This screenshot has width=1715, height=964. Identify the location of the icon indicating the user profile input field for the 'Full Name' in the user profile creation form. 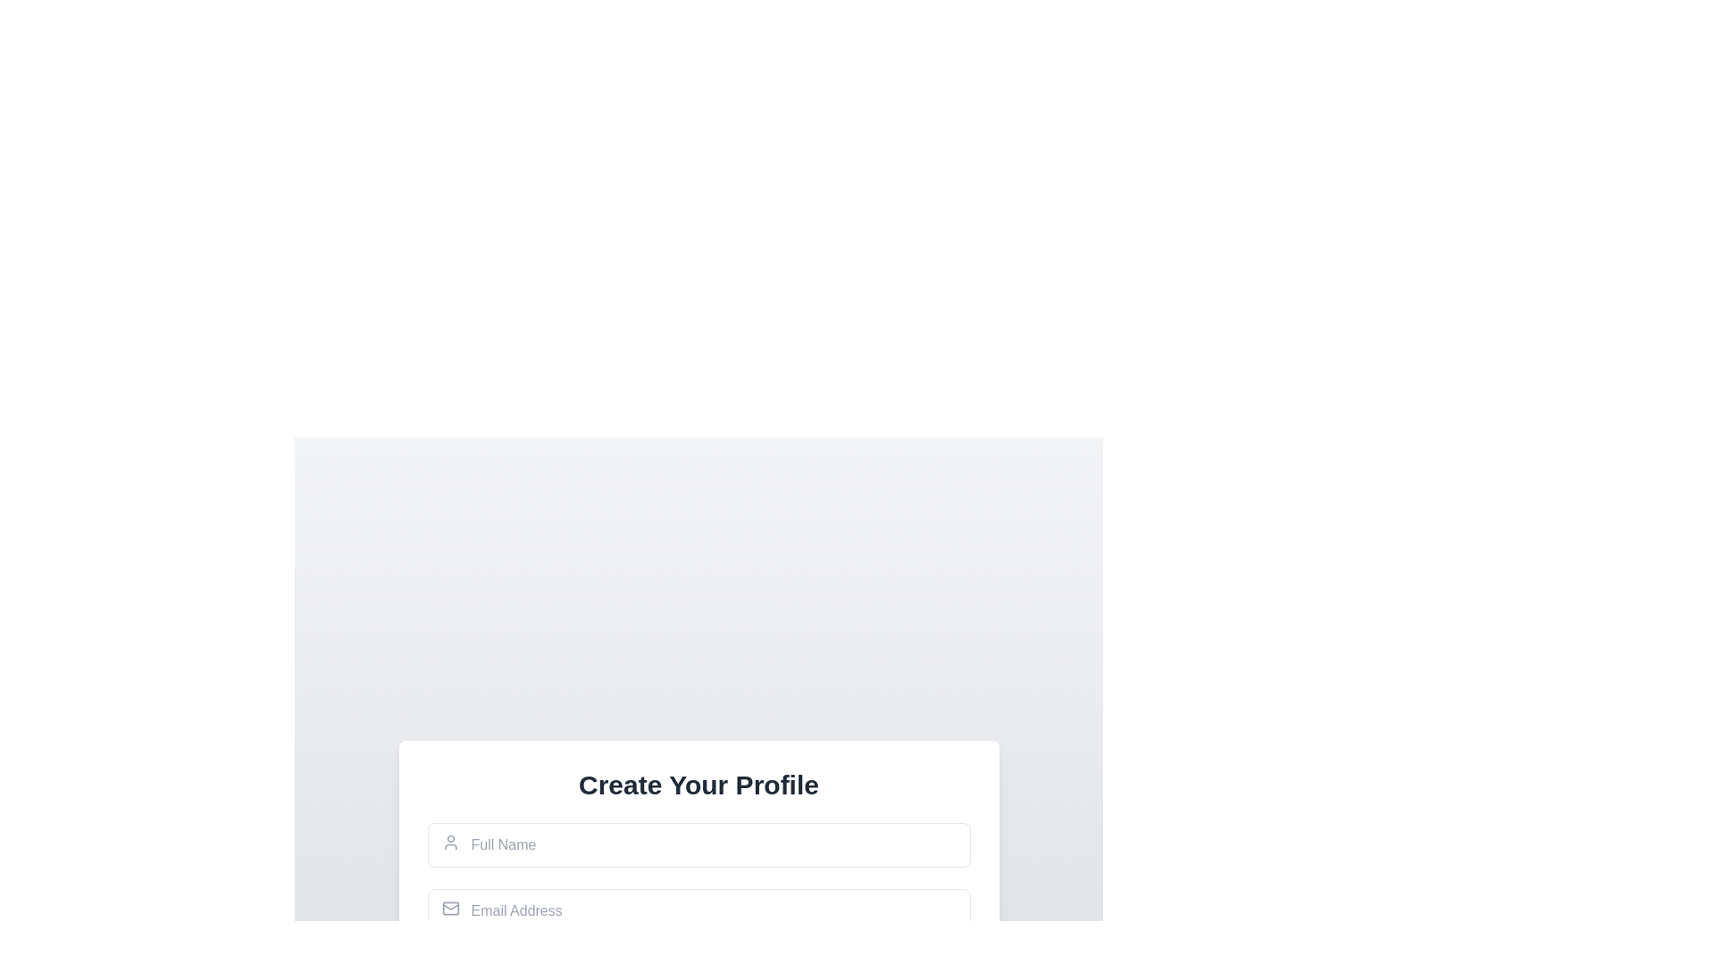
(450, 843).